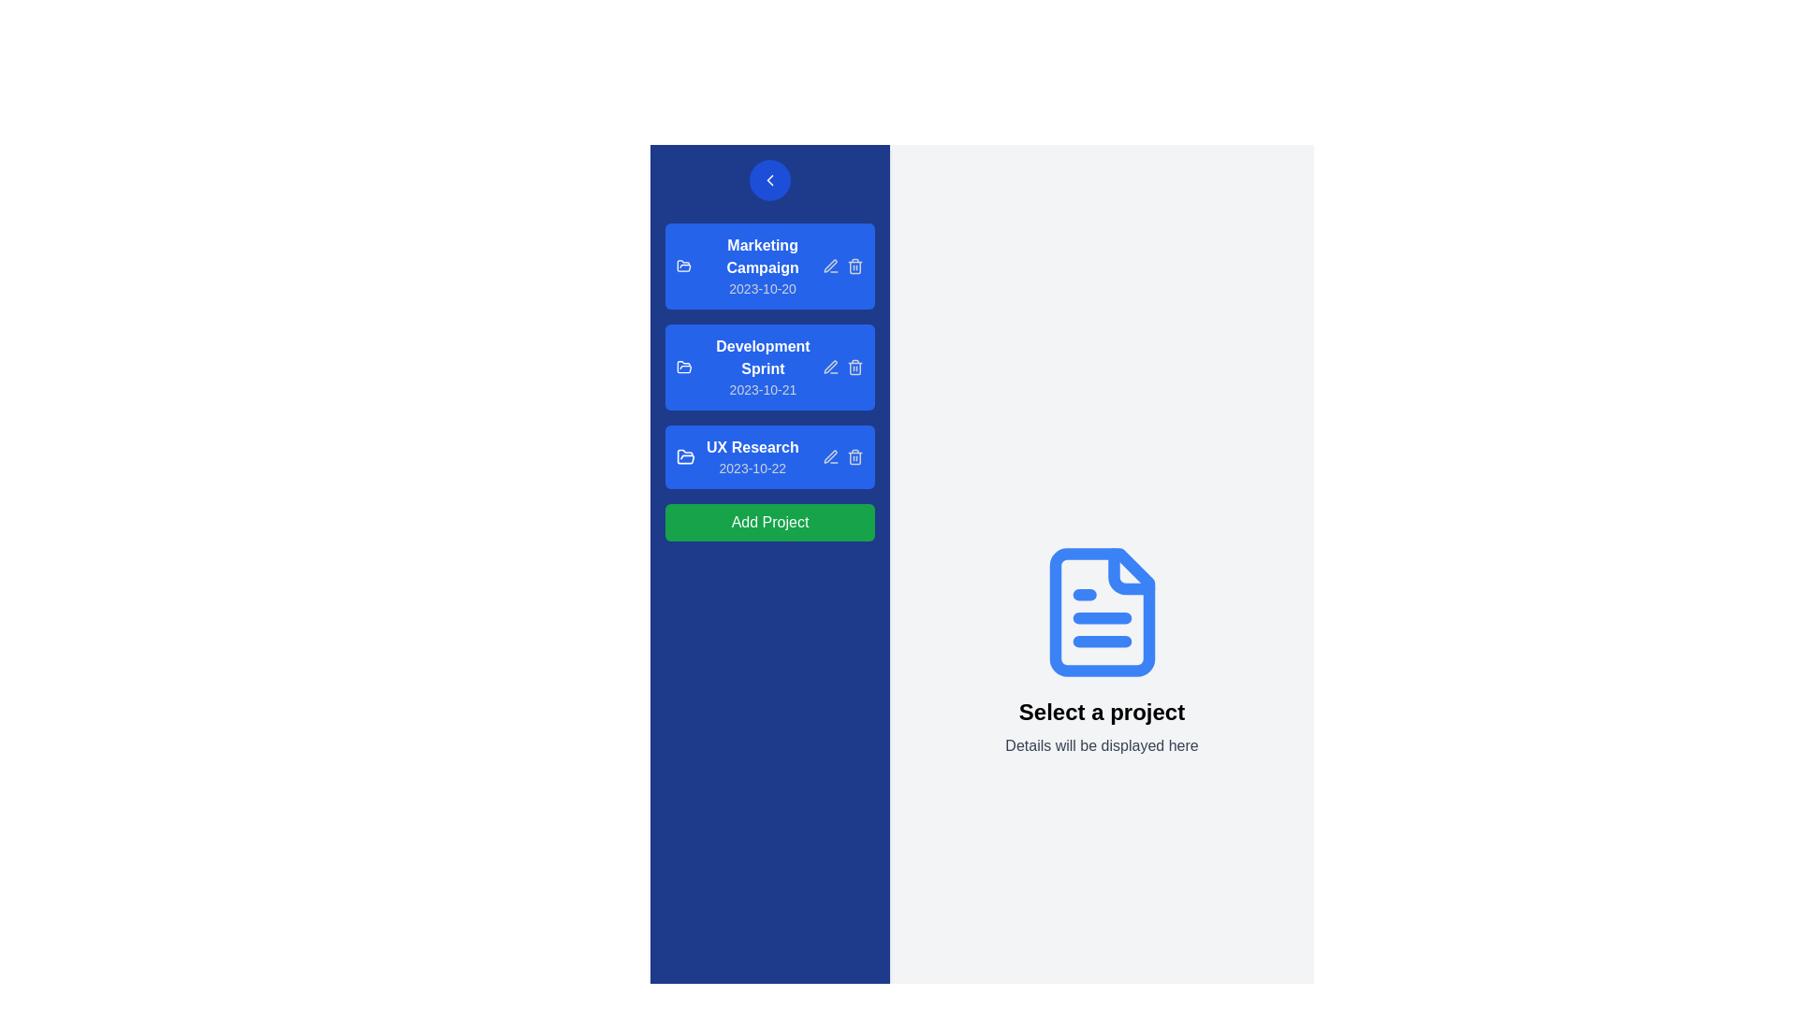  What do you see at coordinates (763, 267) in the screenshot?
I see `the Text Label displaying 'Marketing Campaign' in bold font, which is positioned above 'Development Sprint' and below the back navigation button` at bounding box center [763, 267].